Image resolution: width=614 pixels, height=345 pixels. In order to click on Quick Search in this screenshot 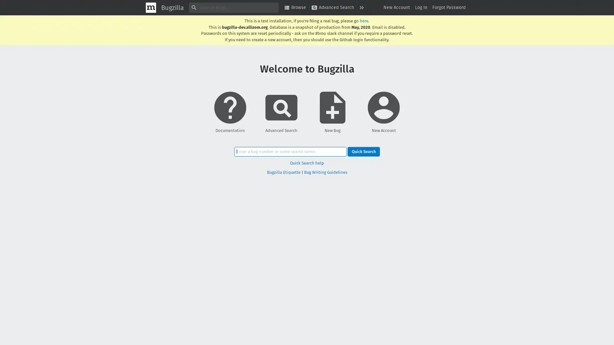, I will do `click(363, 151)`.